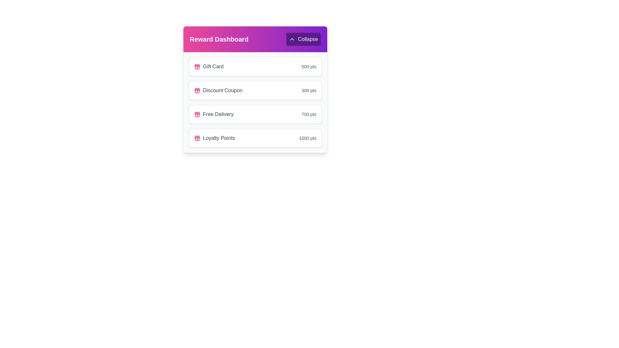  What do you see at coordinates (218, 91) in the screenshot?
I see `the 'Discount Coupon' label with pink gift icon for keyboard navigation` at bounding box center [218, 91].